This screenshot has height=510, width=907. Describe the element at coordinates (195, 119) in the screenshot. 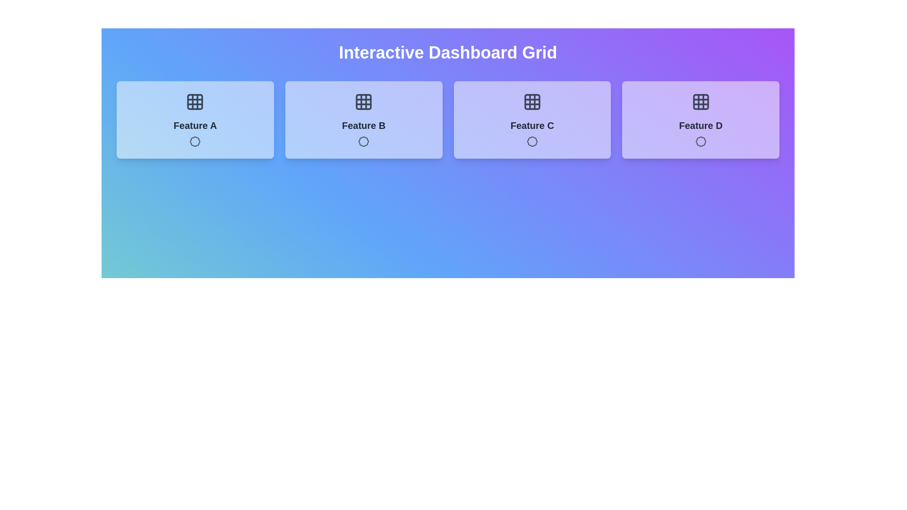

I see `the interactive Card element titled 'Feature A', which is the first card in a grid layout located in the top-left corner` at that location.